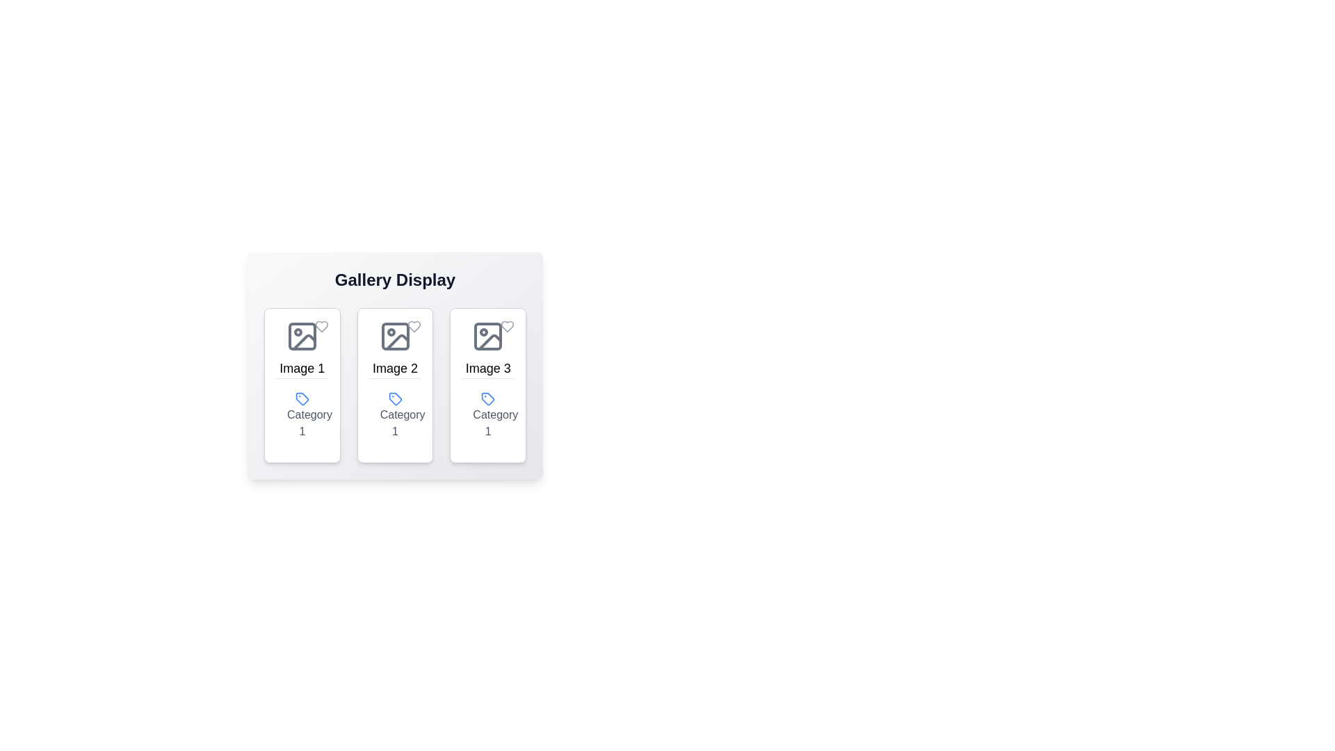 This screenshot has height=751, width=1335. What do you see at coordinates (301, 414) in the screenshot?
I see `the category text and icon located in the bottom section of the card labeled 'Image 1', positioned below the image and title within the gallery layout` at bounding box center [301, 414].